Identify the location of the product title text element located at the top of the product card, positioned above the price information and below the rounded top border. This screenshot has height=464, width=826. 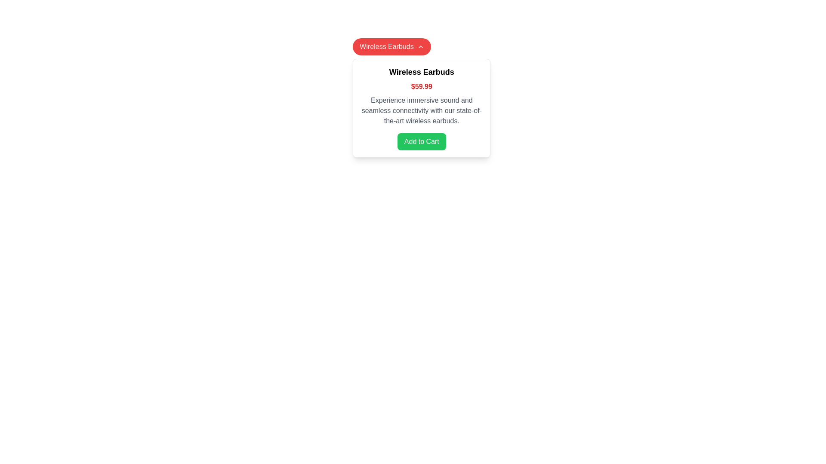
(422, 72).